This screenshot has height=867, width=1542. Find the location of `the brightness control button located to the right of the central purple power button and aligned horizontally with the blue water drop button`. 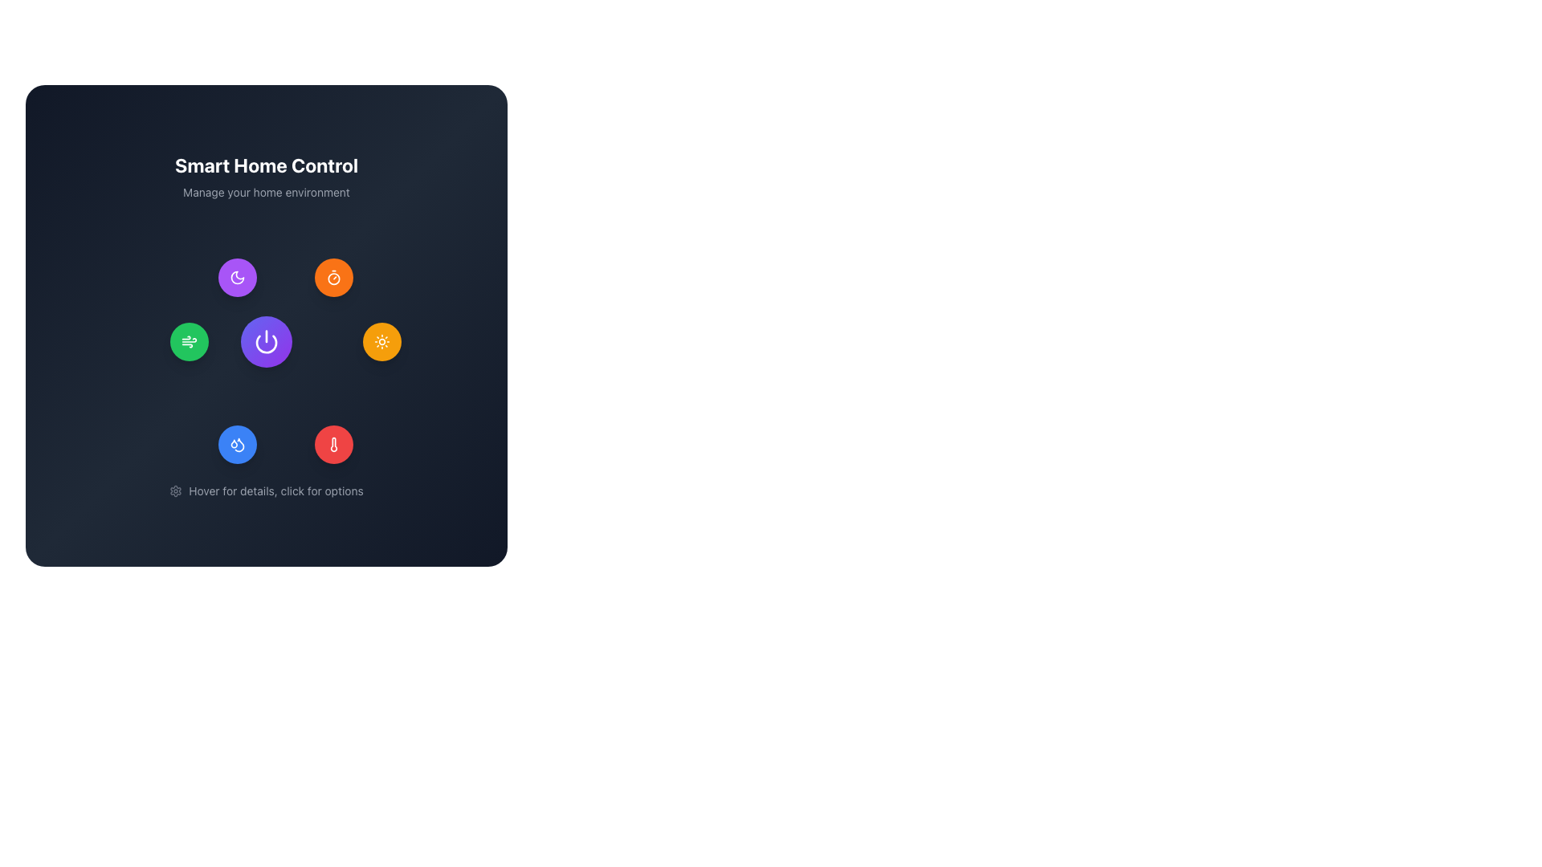

the brightness control button located to the right of the central purple power button and aligned horizontally with the blue water drop button is located at coordinates (381, 340).